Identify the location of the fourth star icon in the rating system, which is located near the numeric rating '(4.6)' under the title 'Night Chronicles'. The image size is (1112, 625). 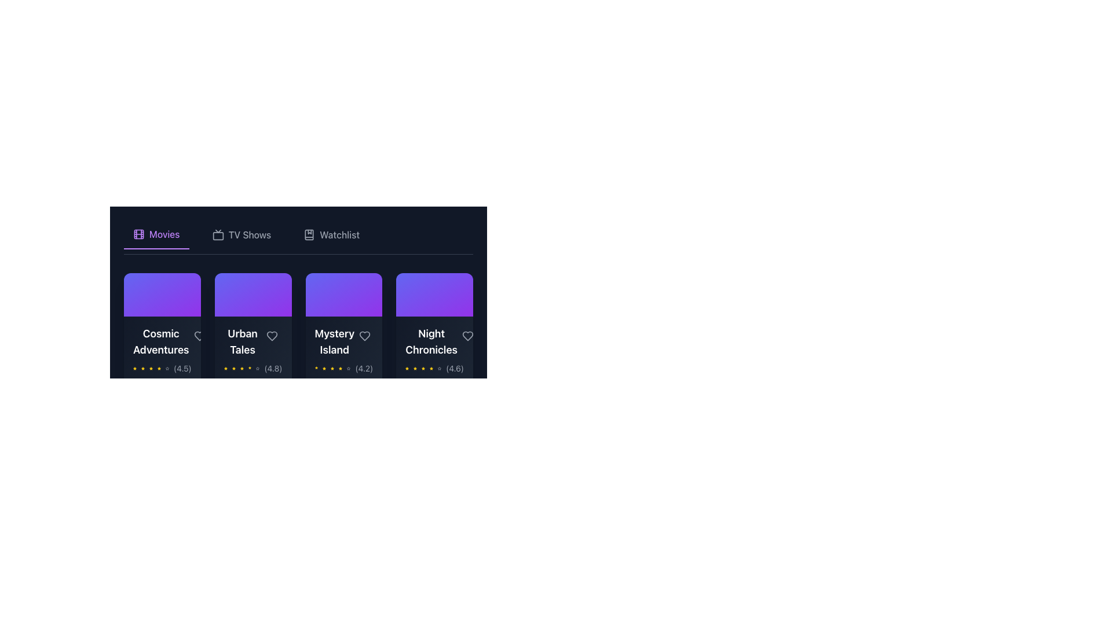
(423, 368).